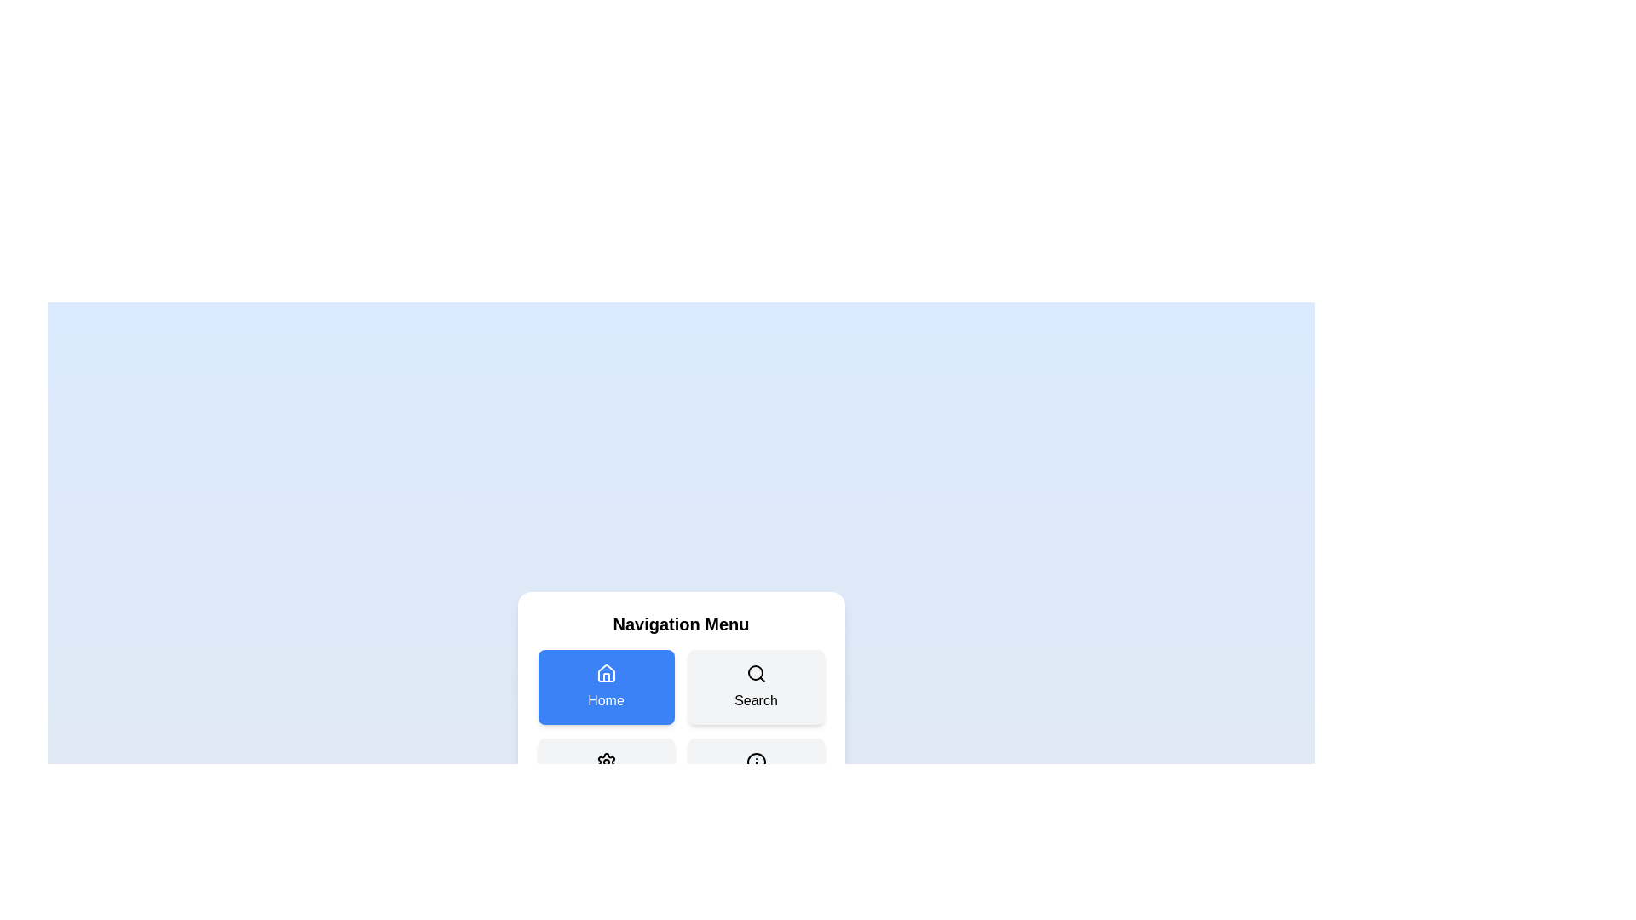 This screenshot has height=920, width=1636. Describe the element at coordinates (606, 775) in the screenshot. I see `the menu item labeled Settings to select it` at that location.